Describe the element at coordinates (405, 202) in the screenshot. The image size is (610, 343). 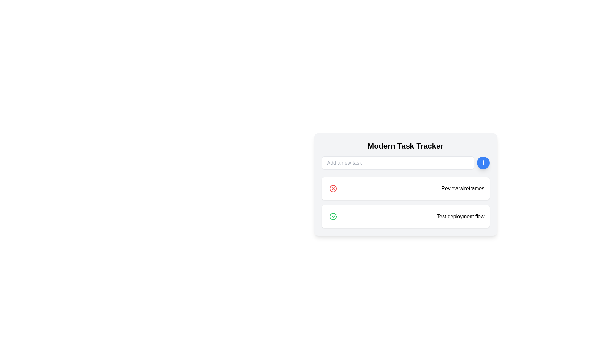
I see `the action icons on the Task list component to mark tasks as completed or delete them, which are located under the 'Modern Task Tracker' section` at that location.